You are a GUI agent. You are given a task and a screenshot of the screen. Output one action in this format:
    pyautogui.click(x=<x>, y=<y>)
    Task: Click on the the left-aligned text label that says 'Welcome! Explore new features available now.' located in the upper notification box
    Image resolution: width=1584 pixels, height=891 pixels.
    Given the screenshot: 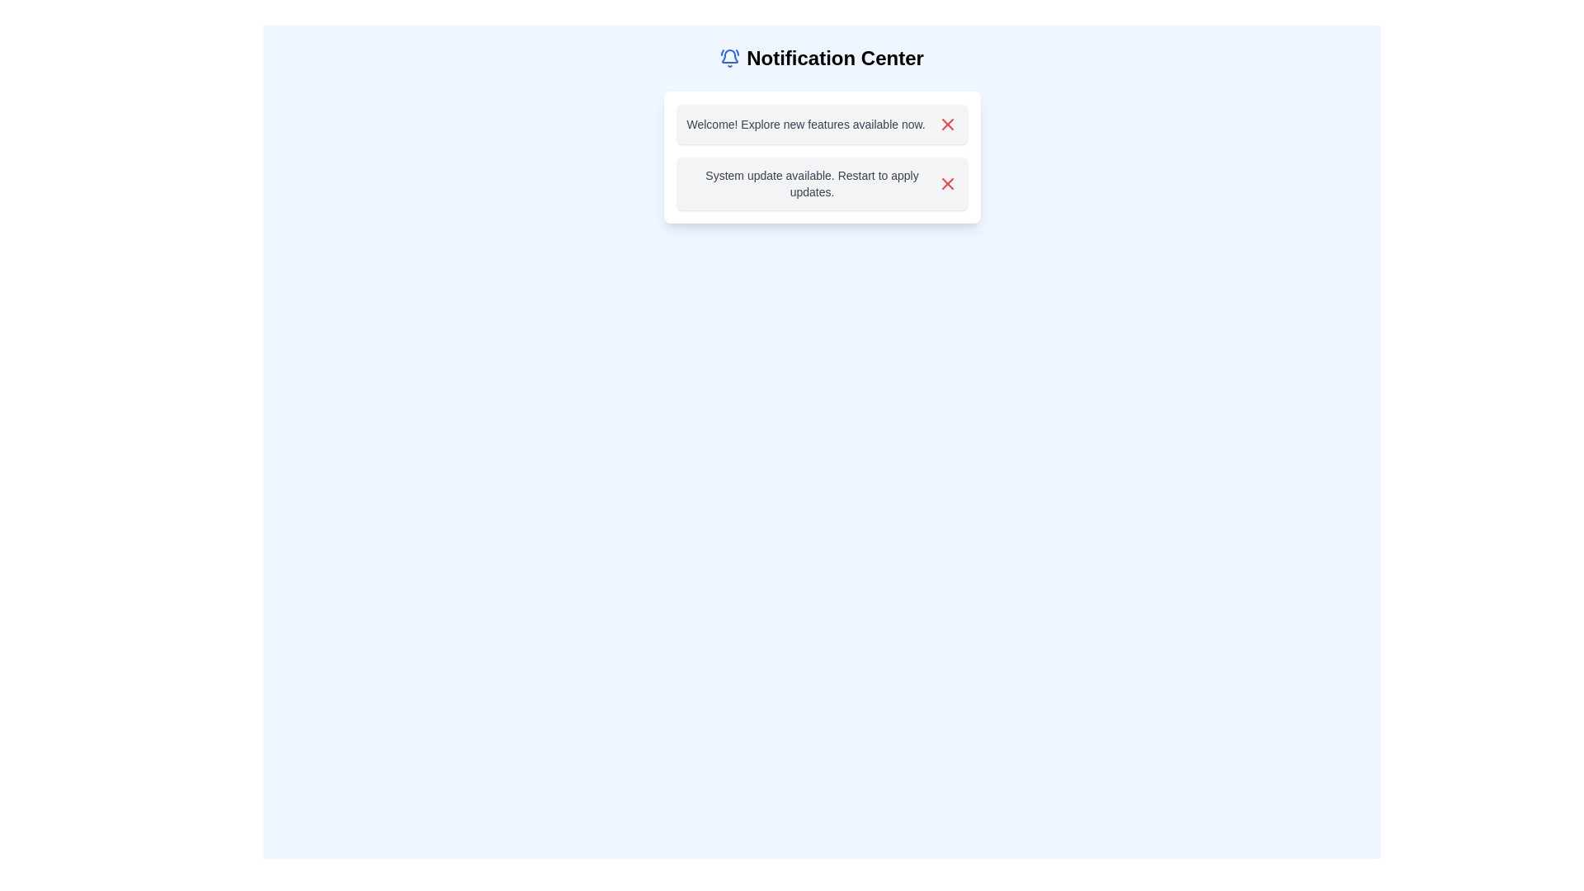 What is the action you would take?
    pyautogui.click(x=806, y=123)
    